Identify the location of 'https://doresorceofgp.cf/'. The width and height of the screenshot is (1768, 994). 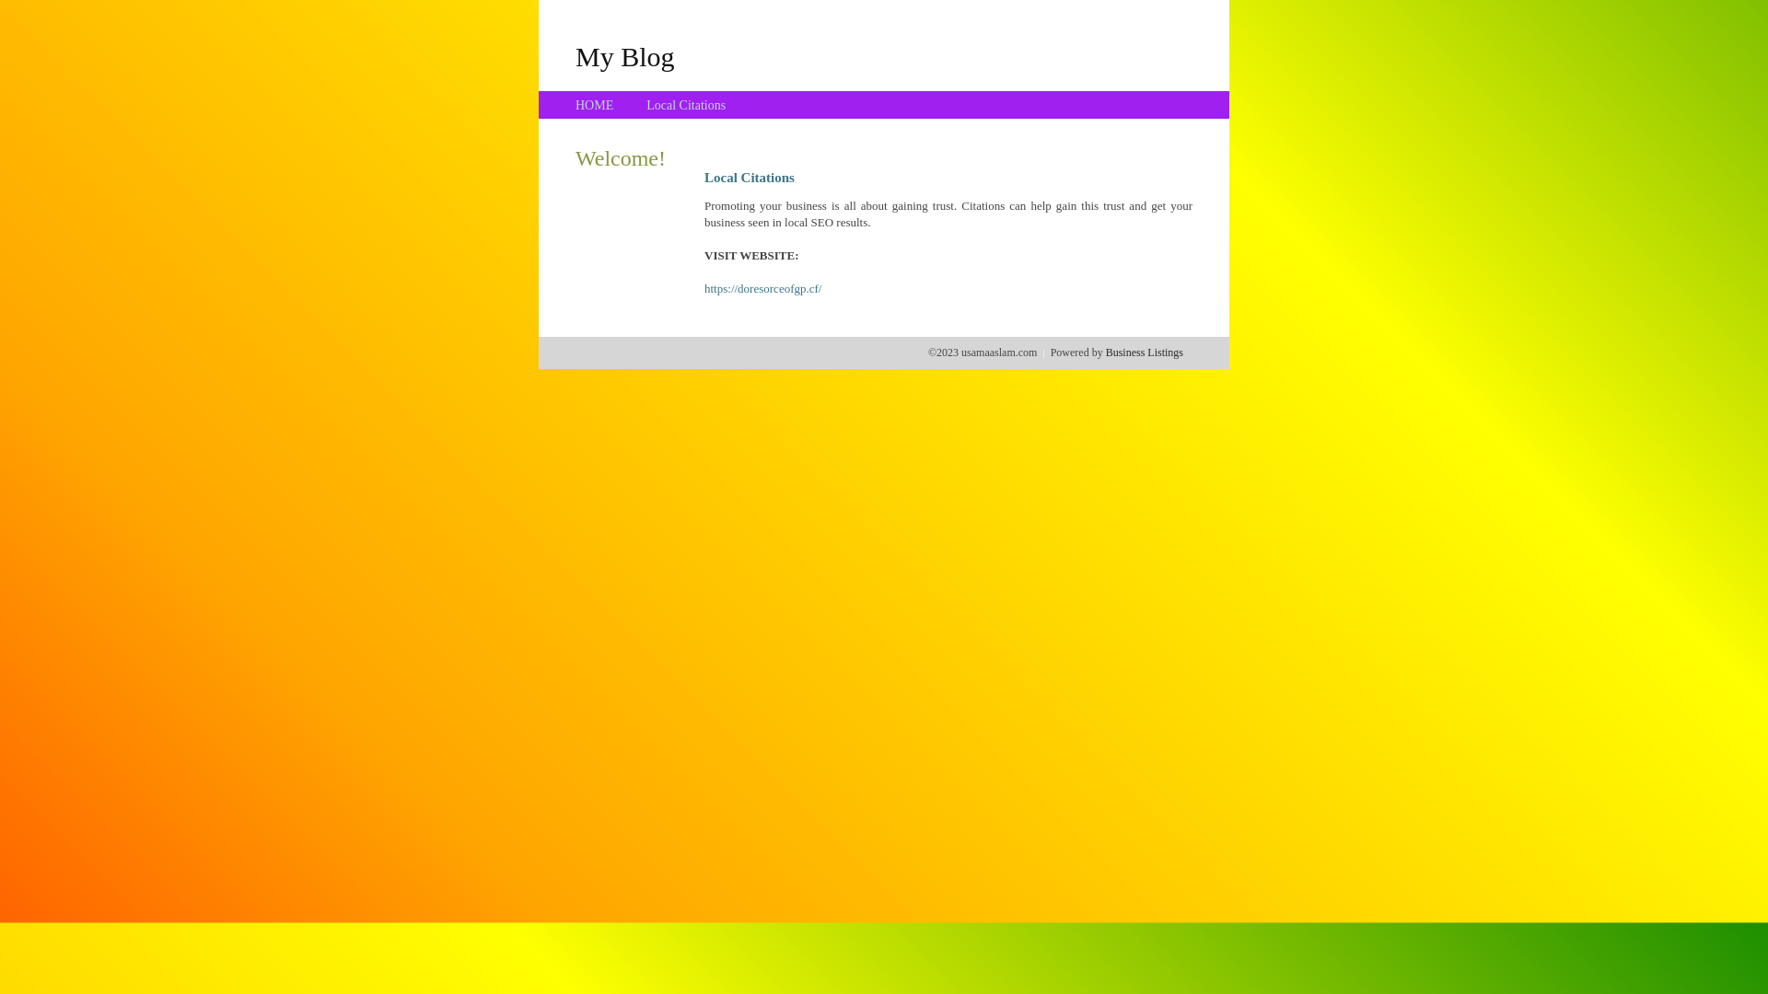
(703, 288).